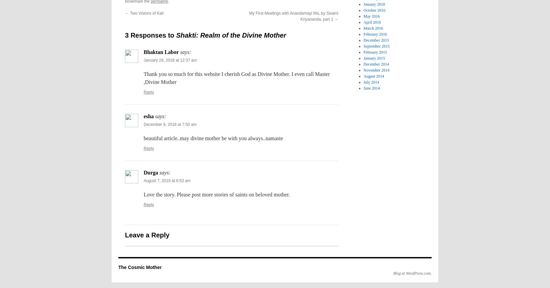 The height and width of the screenshot is (288, 550). Describe the element at coordinates (373, 28) in the screenshot. I see `'March 2016'` at that location.